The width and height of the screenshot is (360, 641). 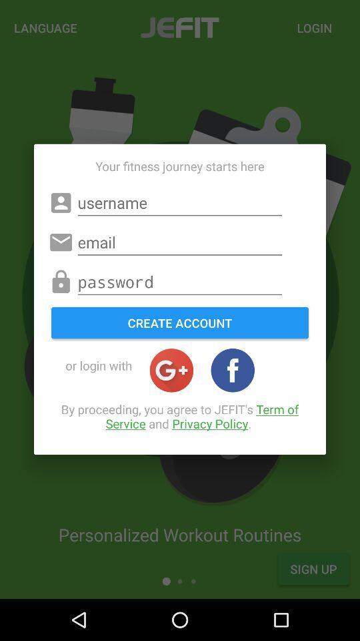 What do you see at coordinates (171, 370) in the screenshot?
I see `google key` at bounding box center [171, 370].